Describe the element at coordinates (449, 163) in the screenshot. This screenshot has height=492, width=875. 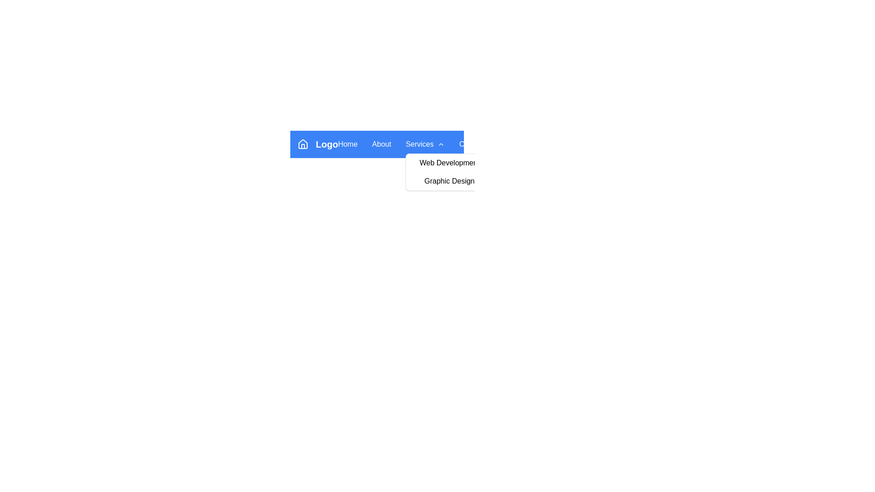
I see `the first selectable menu option in the dropdown menu under the 'Services' navigation tab` at that location.